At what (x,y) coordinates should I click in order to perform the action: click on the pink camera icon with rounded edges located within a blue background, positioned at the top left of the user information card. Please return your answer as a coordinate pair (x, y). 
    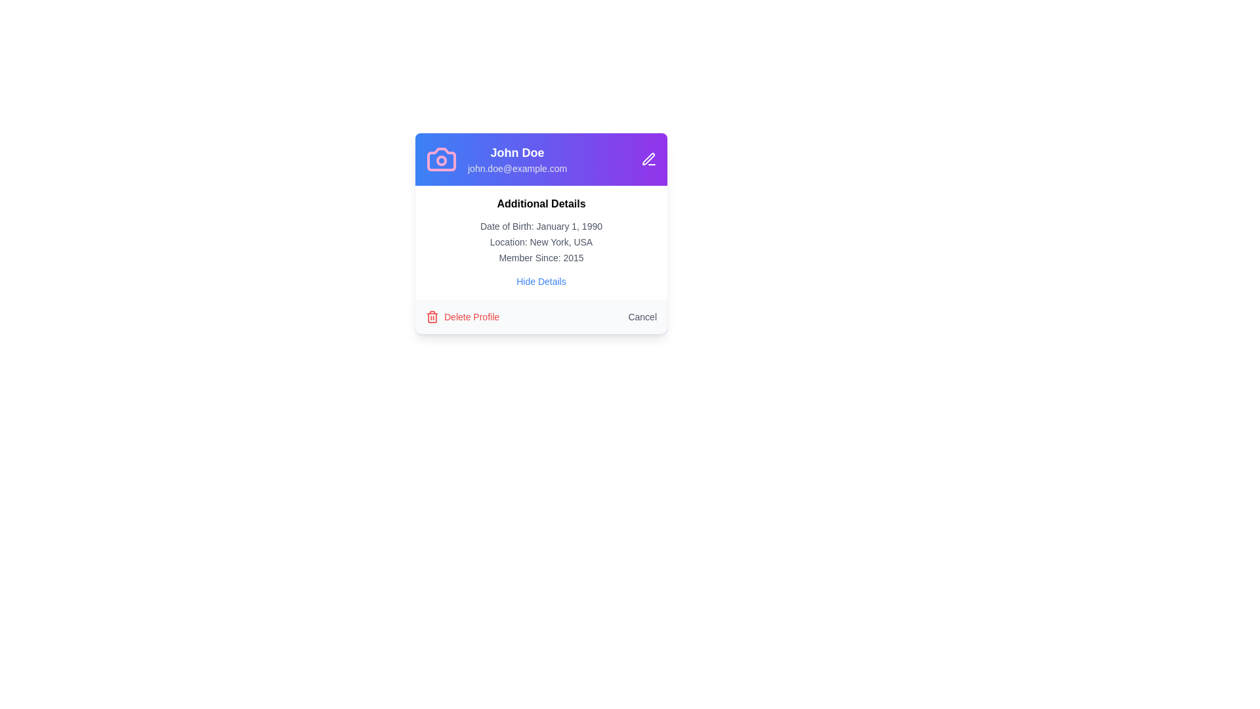
    Looking at the image, I should click on (441, 159).